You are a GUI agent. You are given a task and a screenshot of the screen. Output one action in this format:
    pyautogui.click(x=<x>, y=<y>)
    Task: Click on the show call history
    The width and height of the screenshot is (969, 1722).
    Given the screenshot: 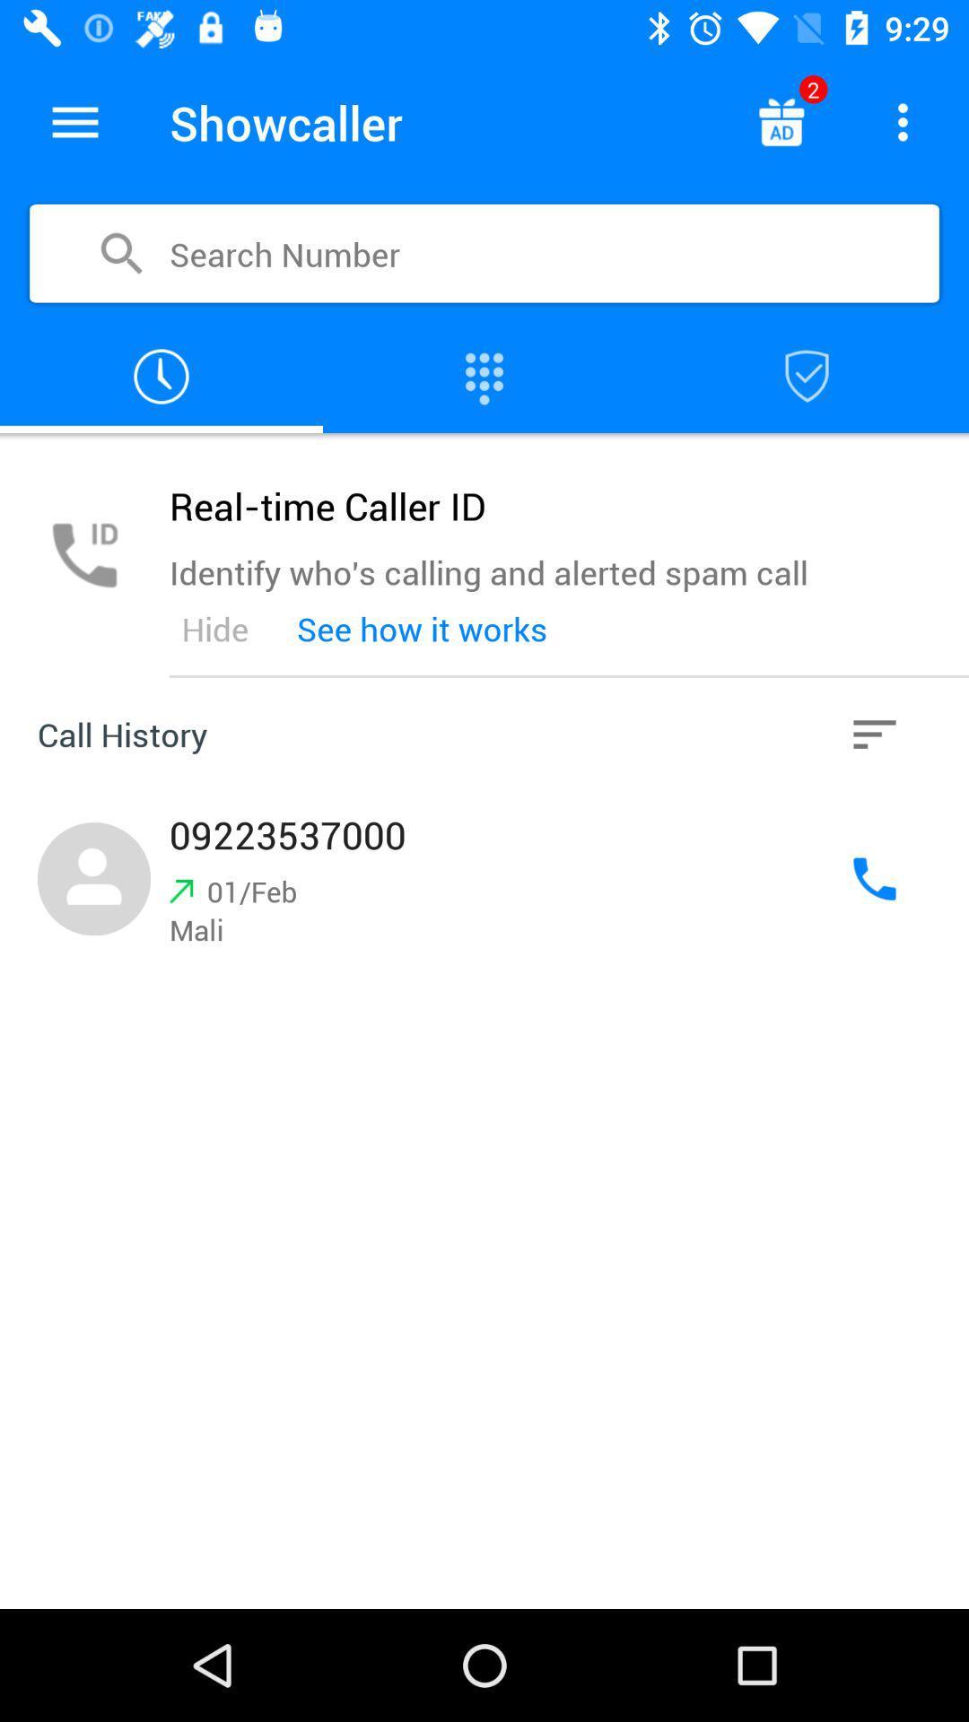 What is the action you would take?
    pyautogui.click(x=161, y=376)
    